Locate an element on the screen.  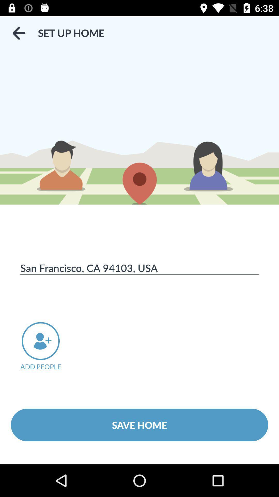
the arrow_backward icon is located at coordinates (19, 33).